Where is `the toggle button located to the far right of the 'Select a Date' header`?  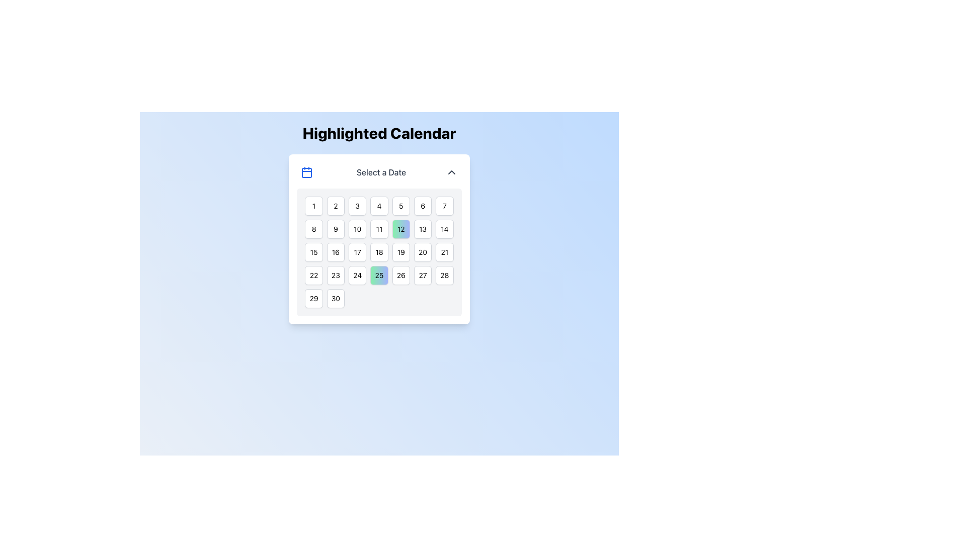
the toggle button located to the far right of the 'Select a Date' header is located at coordinates (451, 172).